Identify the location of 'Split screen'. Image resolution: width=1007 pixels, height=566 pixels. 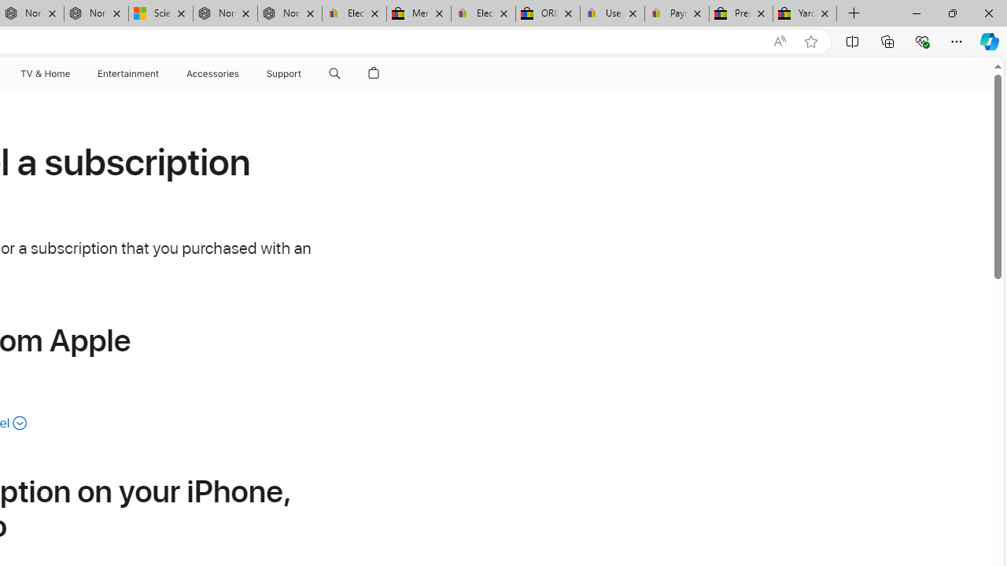
(851, 40).